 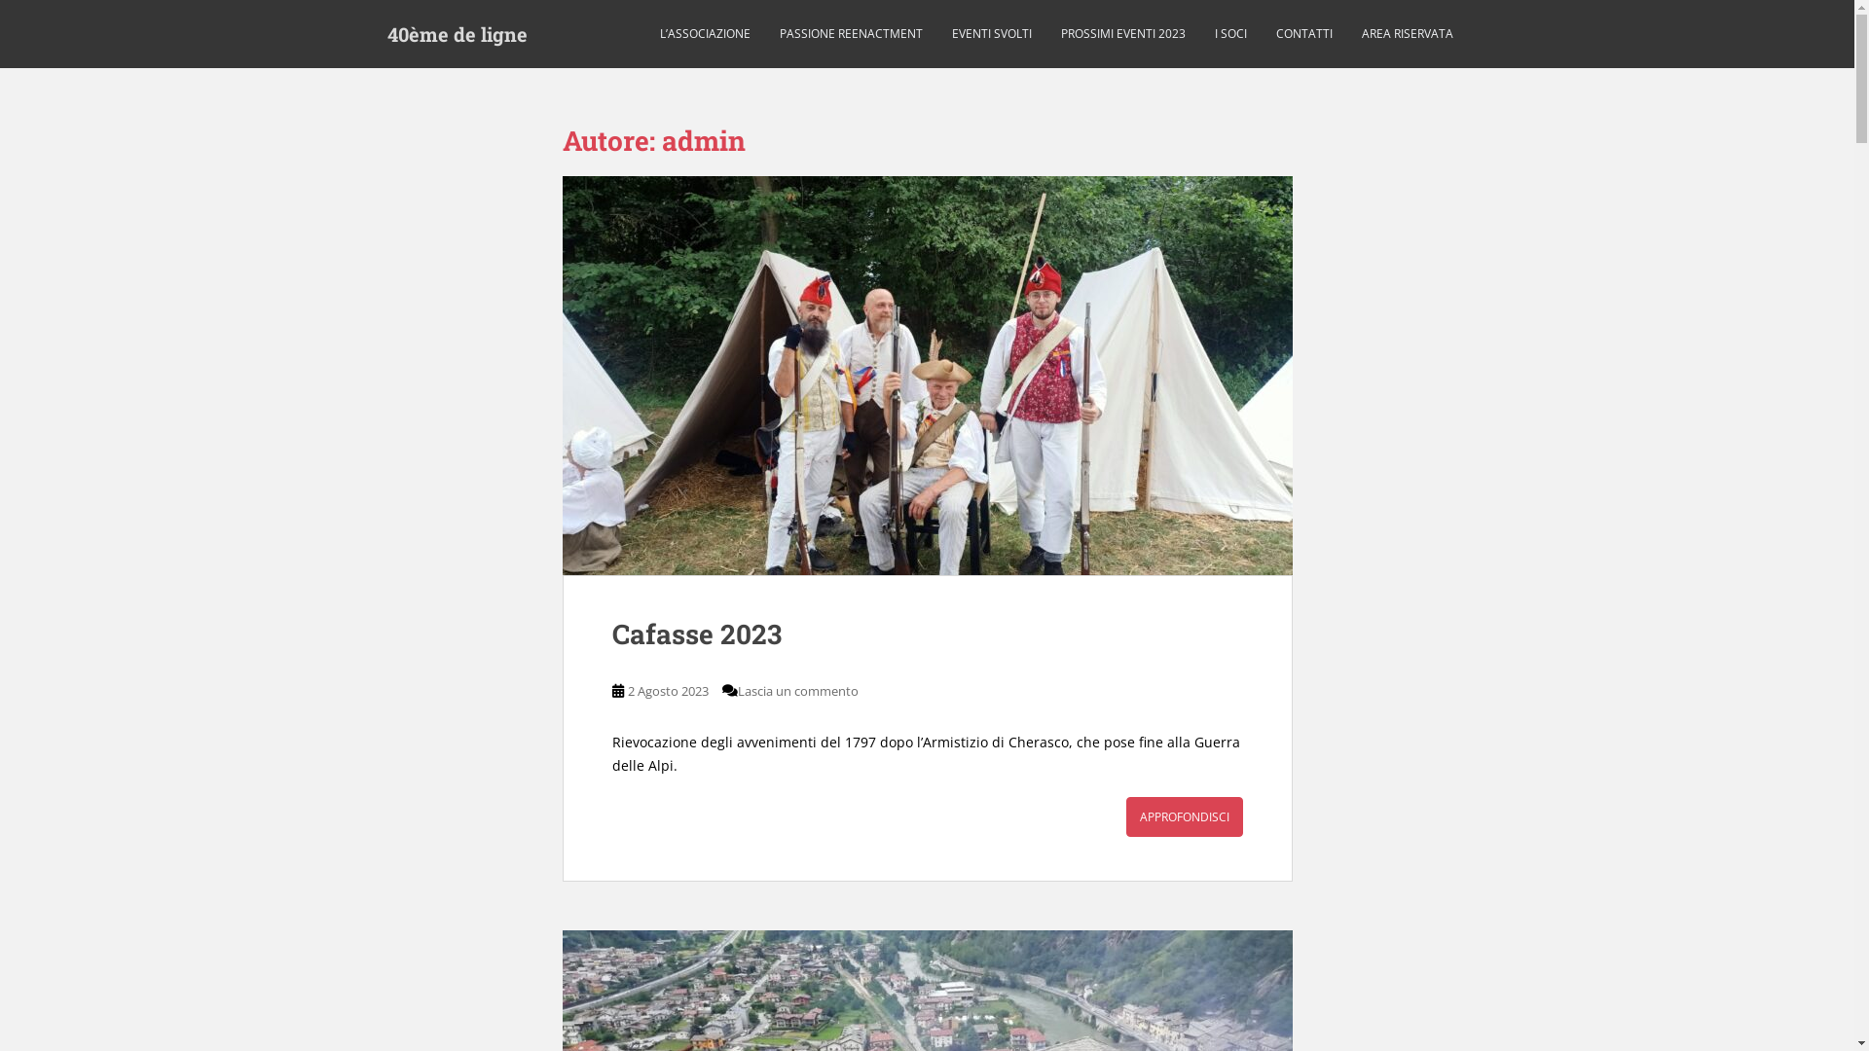 What do you see at coordinates (667, 689) in the screenshot?
I see `'2 Agosto 2023'` at bounding box center [667, 689].